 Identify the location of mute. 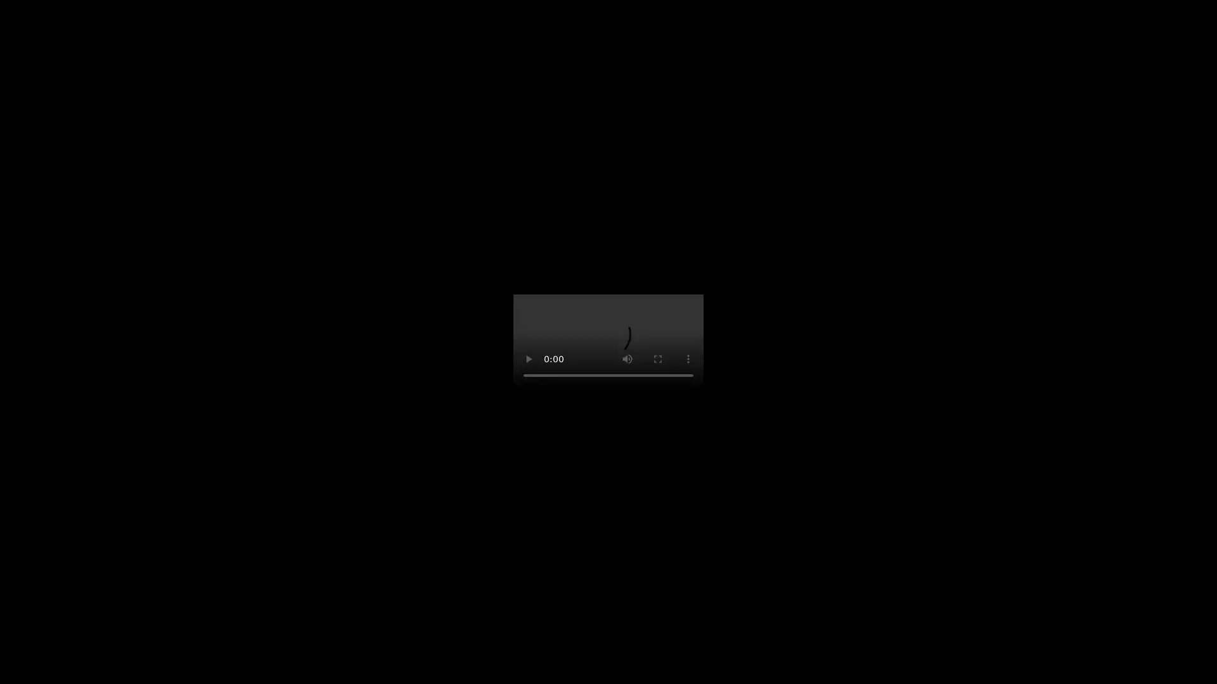
(627, 359).